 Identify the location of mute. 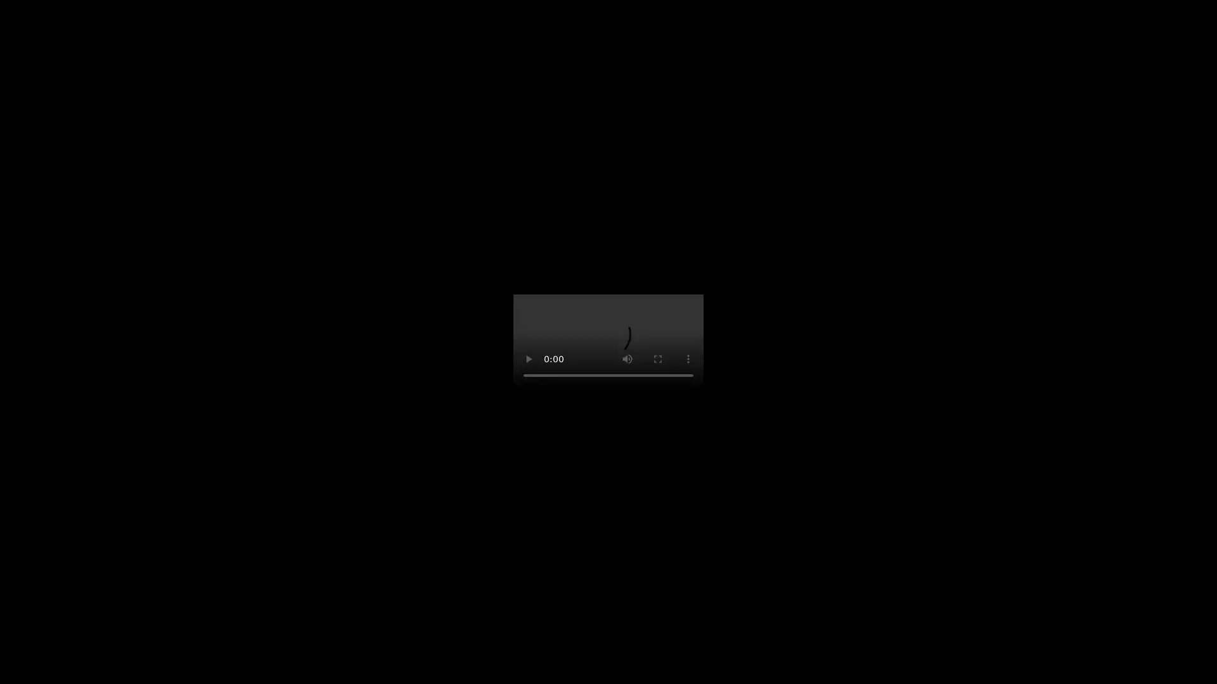
(627, 359).